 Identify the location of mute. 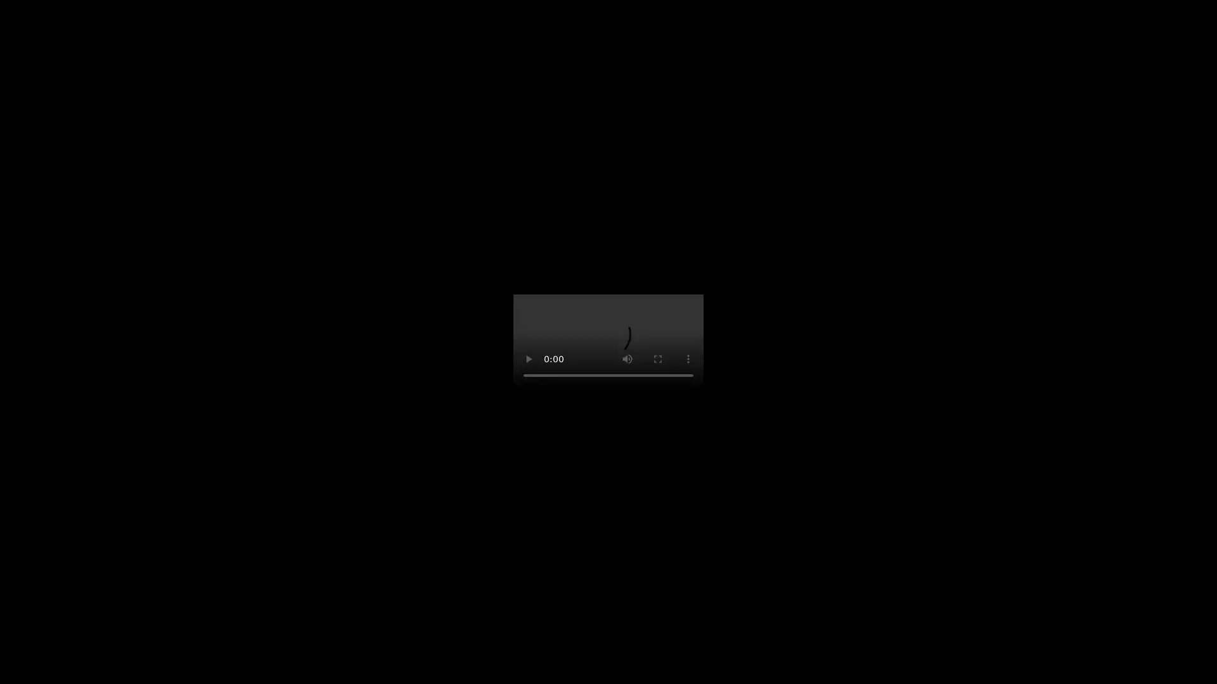
(627, 359).